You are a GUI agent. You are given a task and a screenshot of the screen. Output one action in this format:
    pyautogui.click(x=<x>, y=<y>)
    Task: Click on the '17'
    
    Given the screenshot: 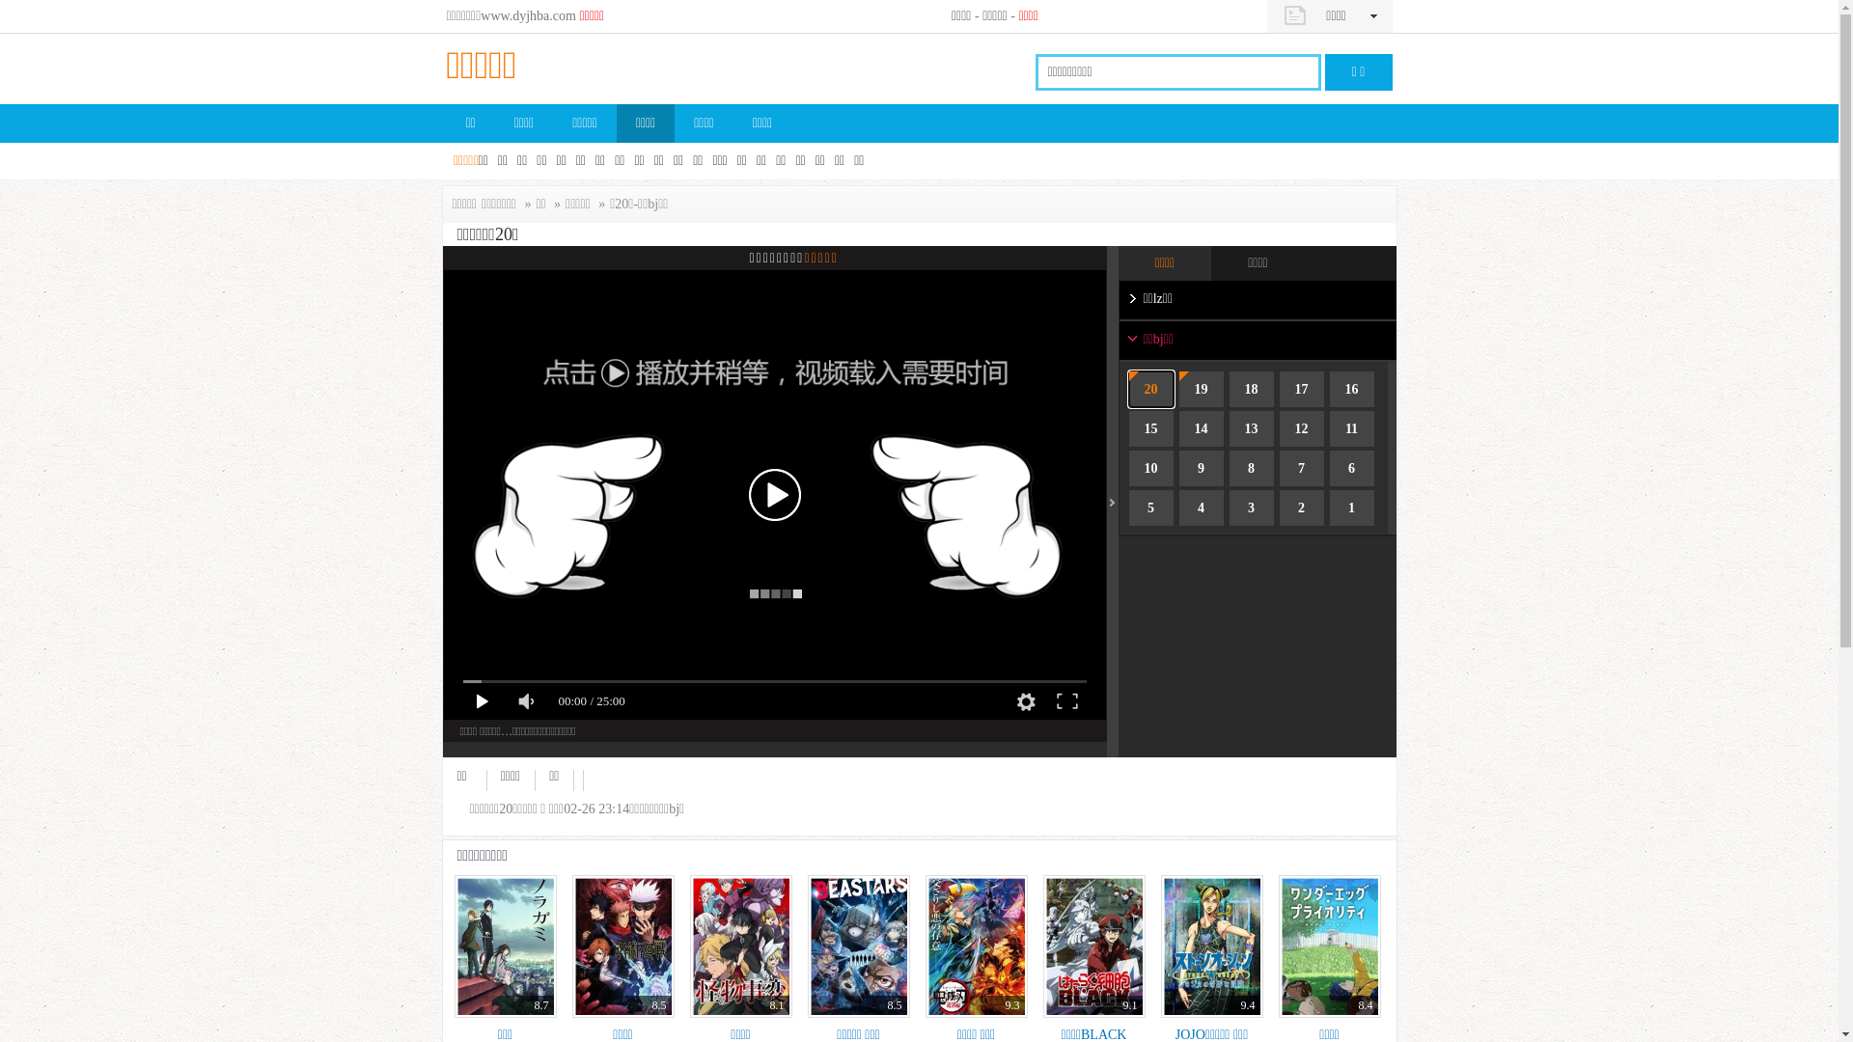 What is the action you would take?
    pyautogui.click(x=1301, y=389)
    